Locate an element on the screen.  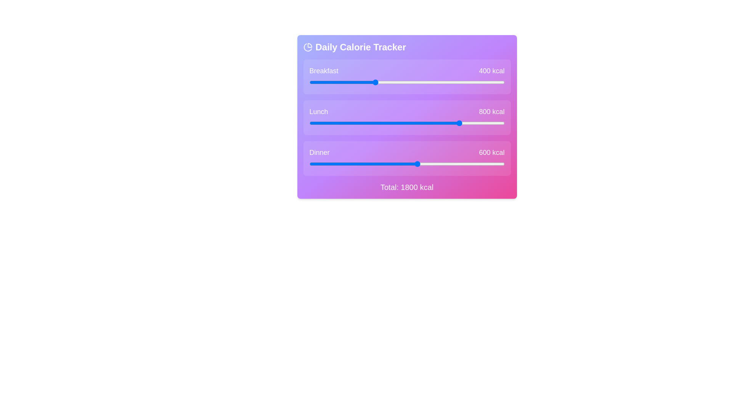
the Static Text Label indicating the category 'Lunch' within the calorie tracker interface is located at coordinates (318, 112).